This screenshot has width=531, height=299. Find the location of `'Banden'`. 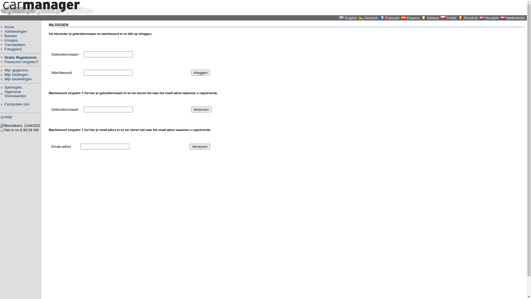

'Banden' is located at coordinates (11, 36).